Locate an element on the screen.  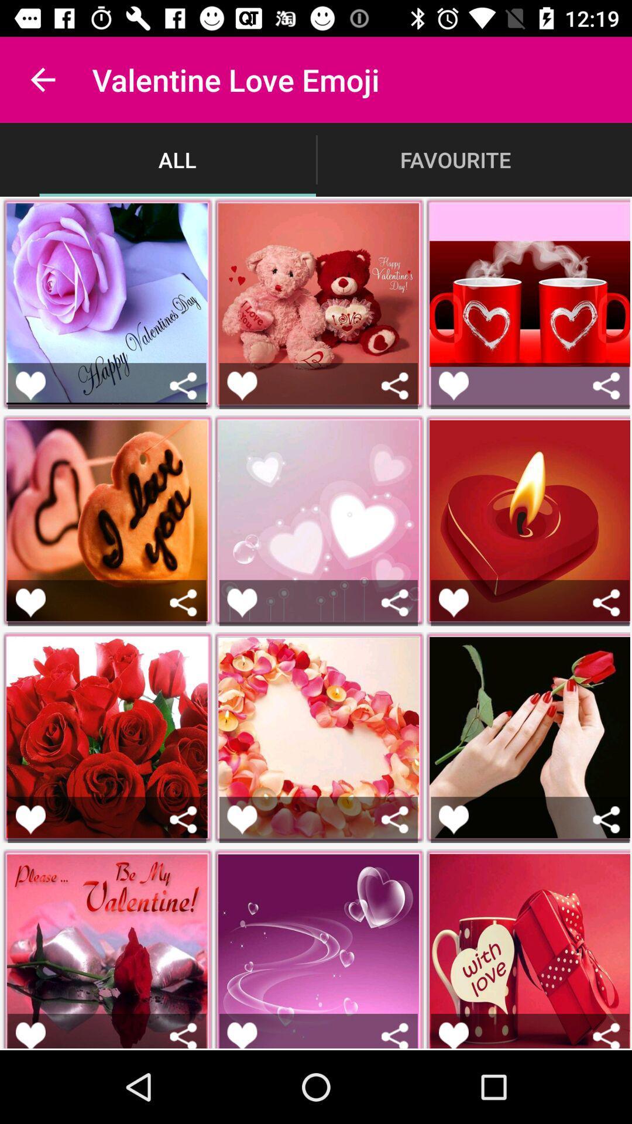
icon next to the valentine love emoji app is located at coordinates (42, 79).